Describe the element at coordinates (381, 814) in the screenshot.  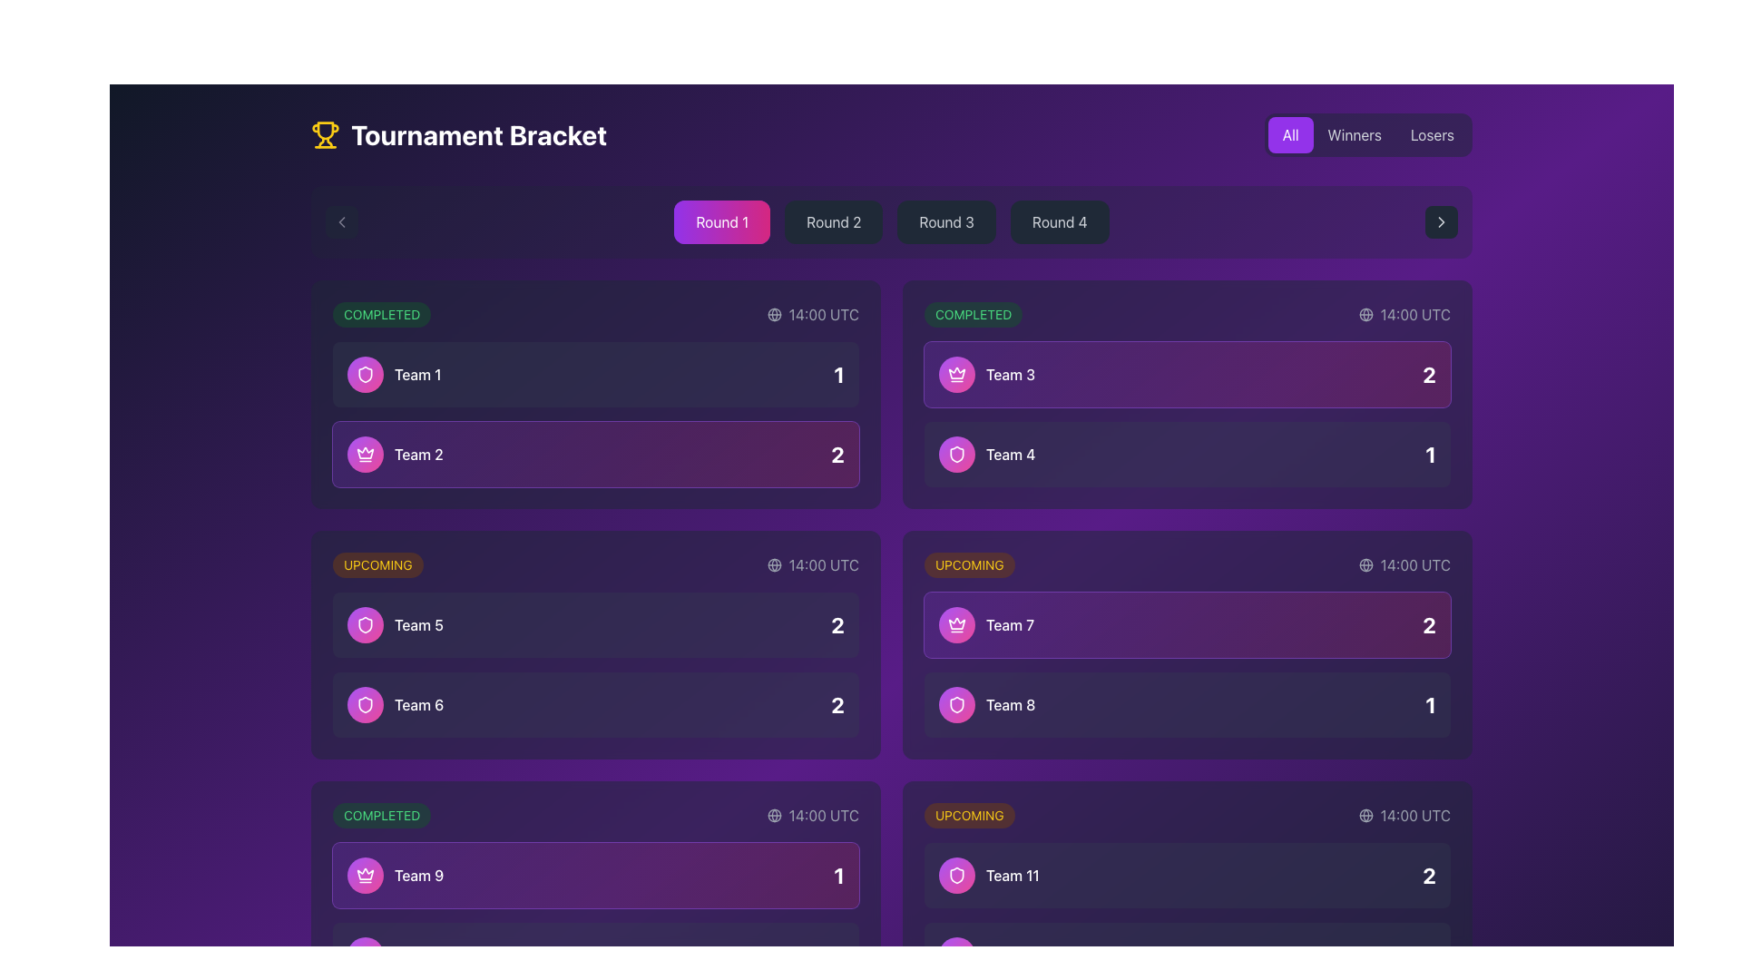
I see `the status label displaying 'COMPLETED', which has a dark green rounded rectangle background and green text` at that location.